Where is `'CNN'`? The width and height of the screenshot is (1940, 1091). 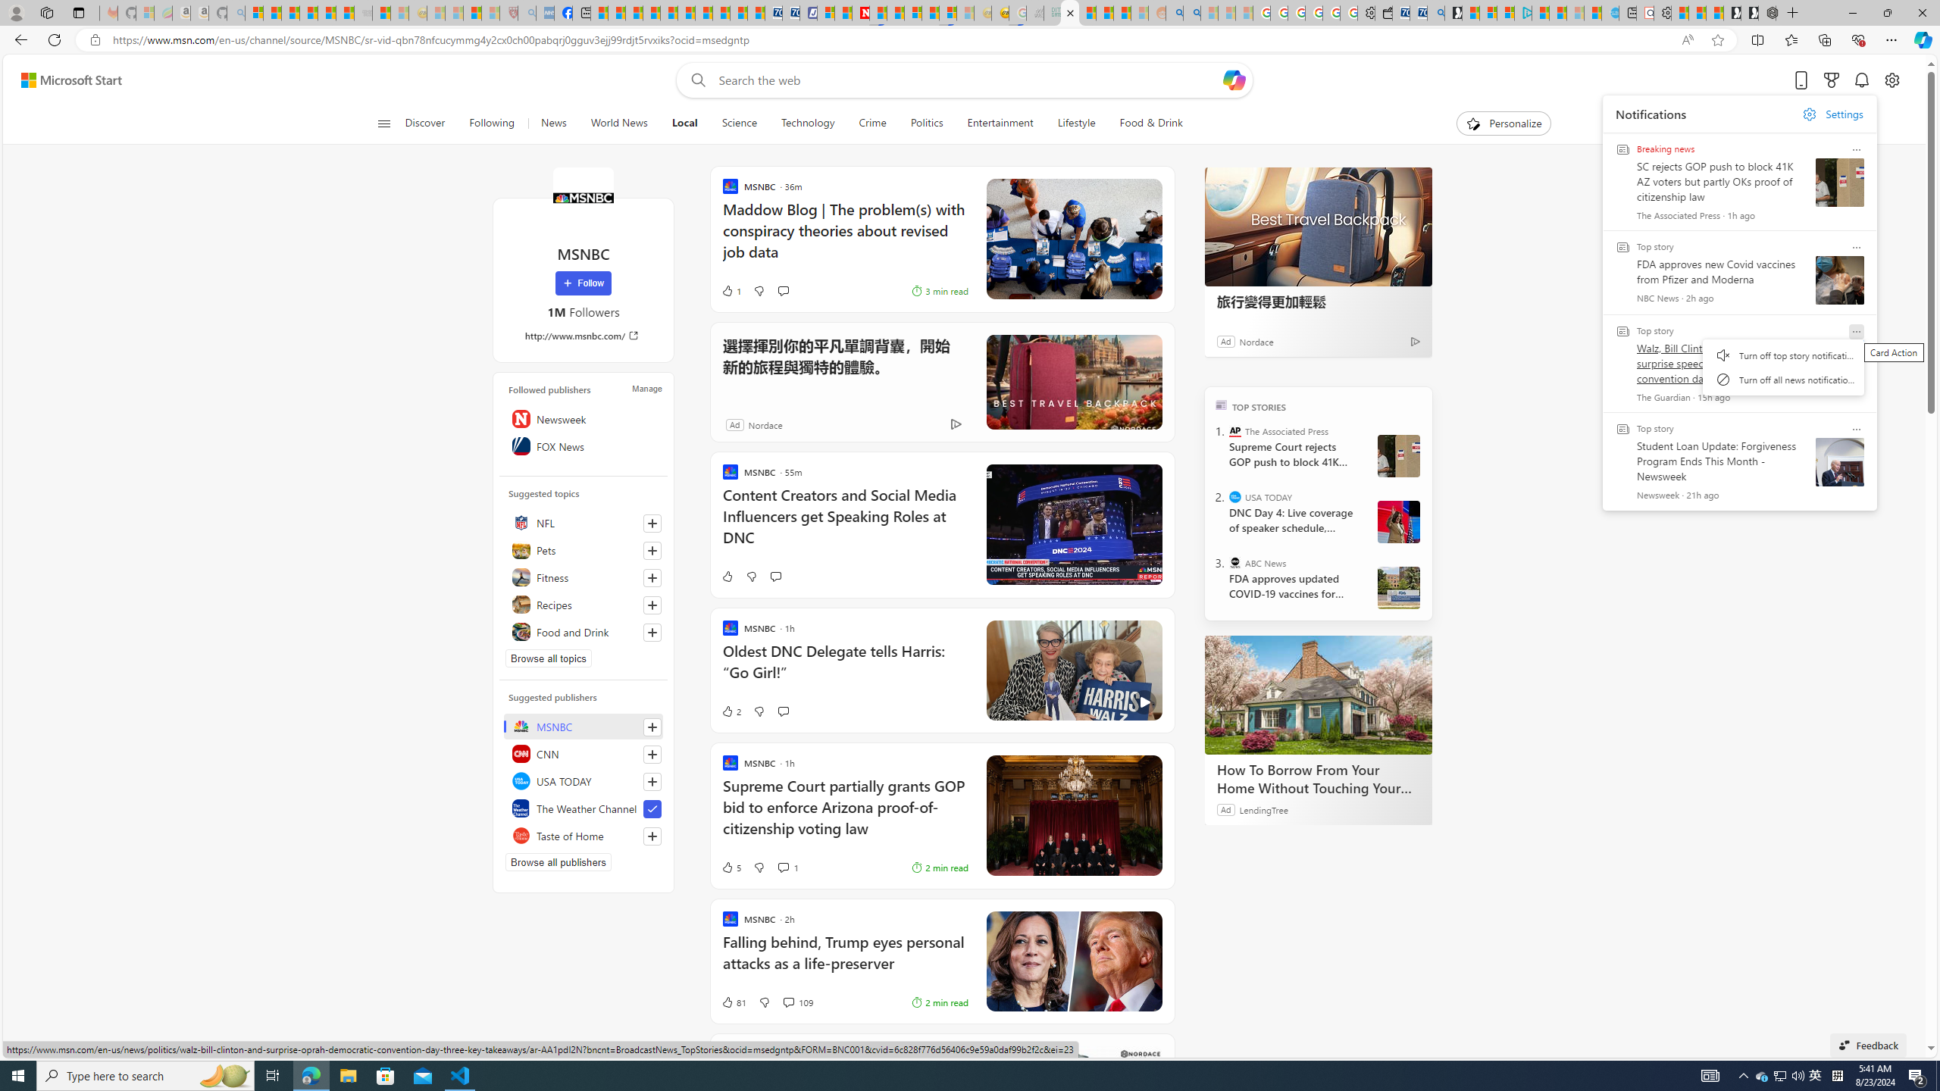
'CNN' is located at coordinates (584, 754).